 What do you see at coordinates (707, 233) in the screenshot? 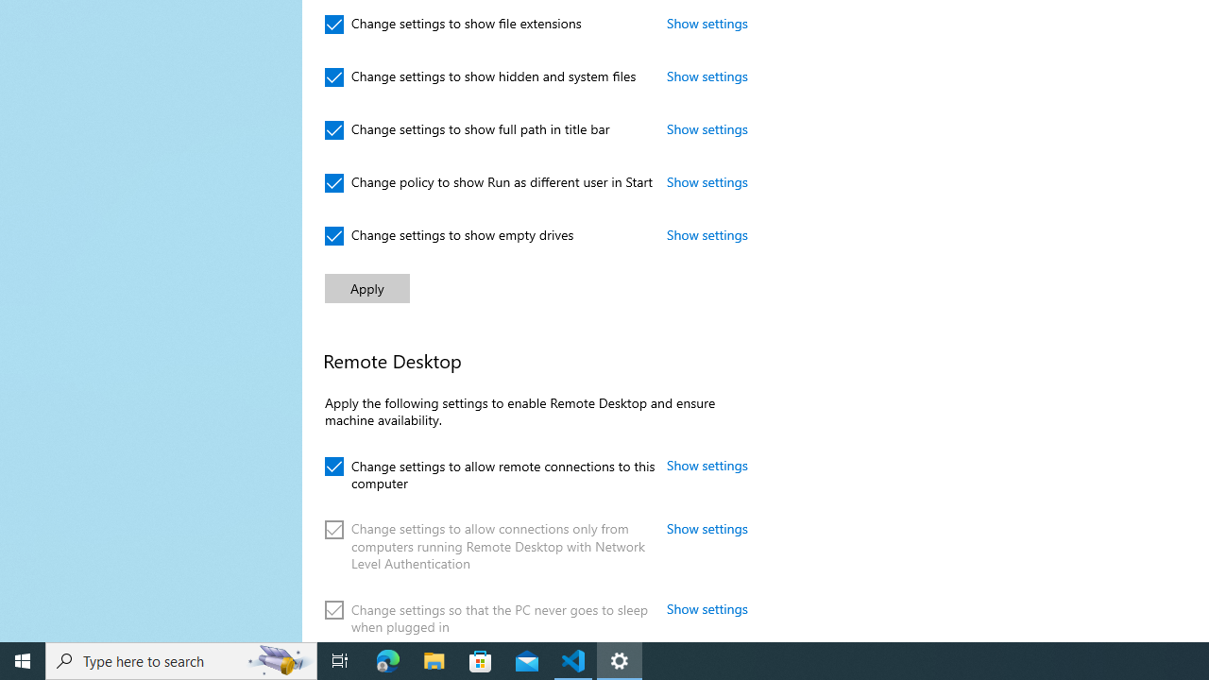
I see `'Show settings: Change settings to show empty drives'` at bounding box center [707, 233].